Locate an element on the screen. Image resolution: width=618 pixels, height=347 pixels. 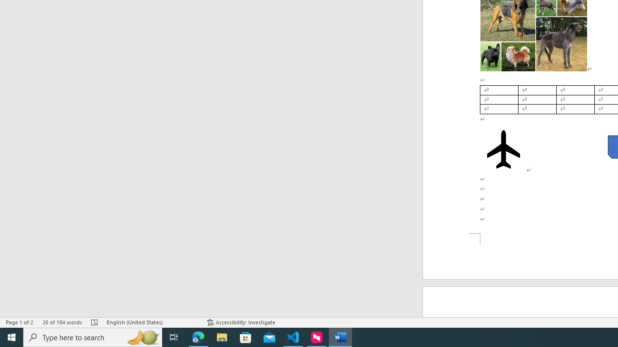
'Language English (United States)' is located at coordinates (152, 322).